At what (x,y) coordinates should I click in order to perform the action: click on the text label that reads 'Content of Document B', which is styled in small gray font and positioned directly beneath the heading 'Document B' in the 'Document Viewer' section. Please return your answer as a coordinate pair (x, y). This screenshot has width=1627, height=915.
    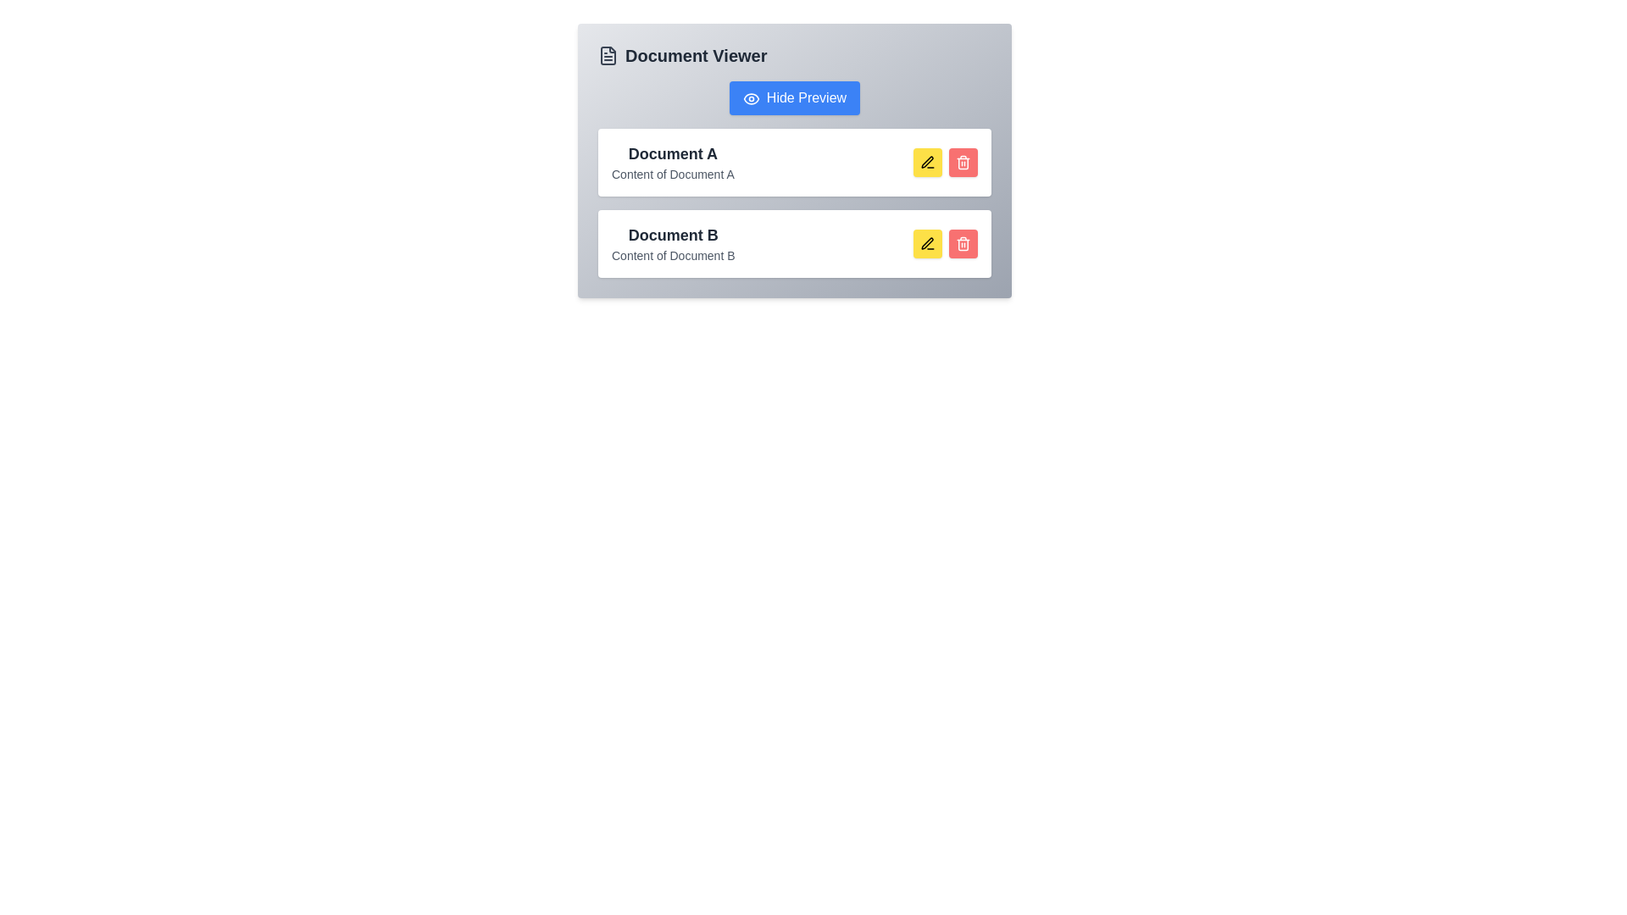
    Looking at the image, I should click on (672, 255).